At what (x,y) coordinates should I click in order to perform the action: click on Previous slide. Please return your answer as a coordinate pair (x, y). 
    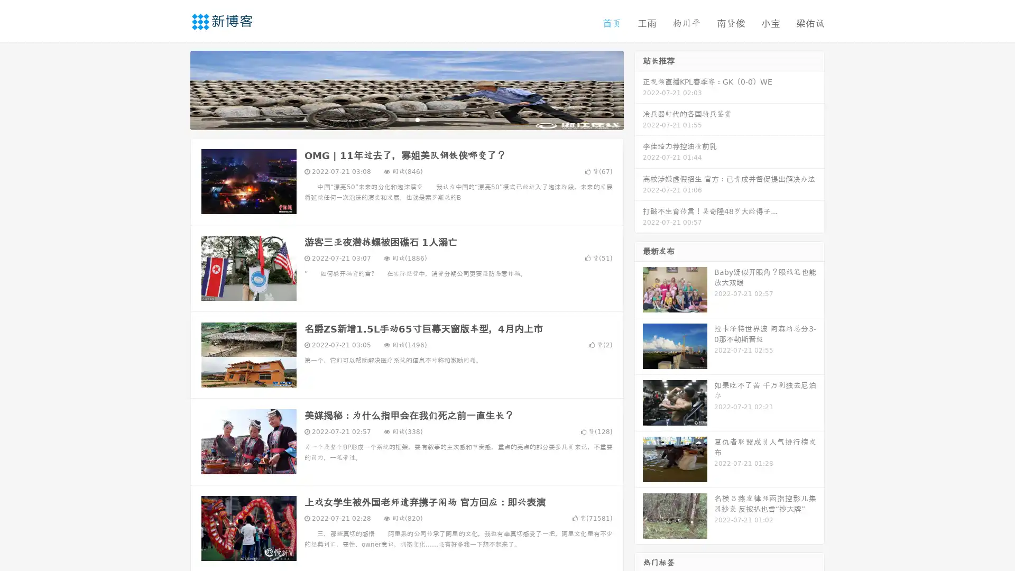
    Looking at the image, I should click on (174, 89).